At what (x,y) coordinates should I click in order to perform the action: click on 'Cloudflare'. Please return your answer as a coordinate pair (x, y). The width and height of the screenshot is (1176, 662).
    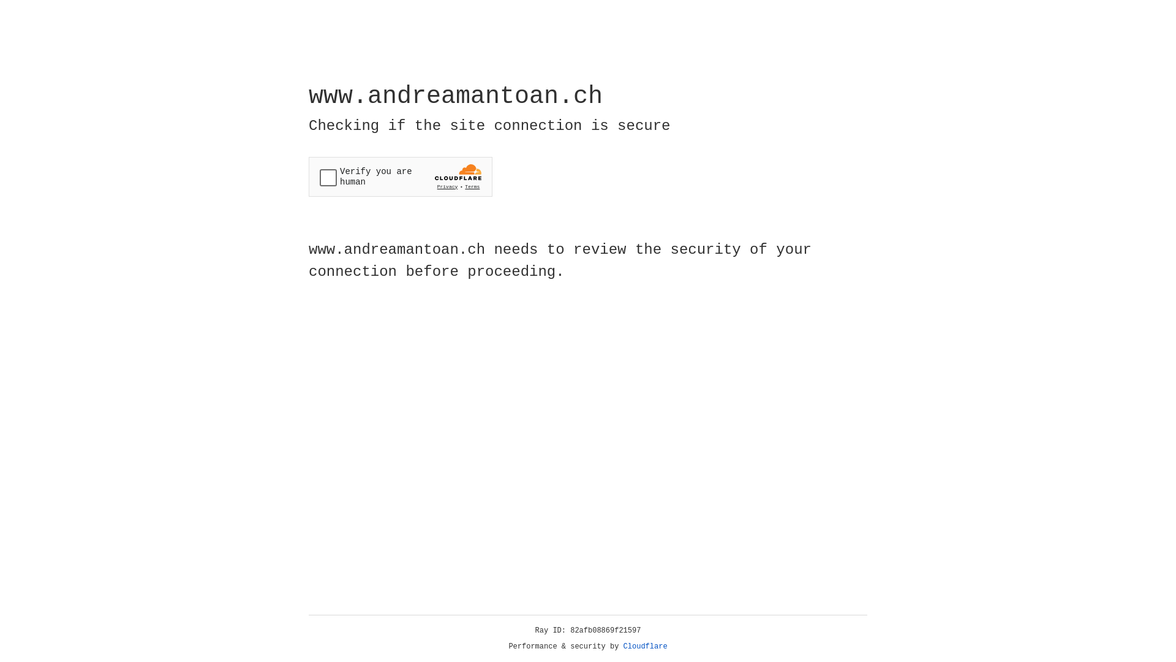
    Looking at the image, I should click on (645, 646).